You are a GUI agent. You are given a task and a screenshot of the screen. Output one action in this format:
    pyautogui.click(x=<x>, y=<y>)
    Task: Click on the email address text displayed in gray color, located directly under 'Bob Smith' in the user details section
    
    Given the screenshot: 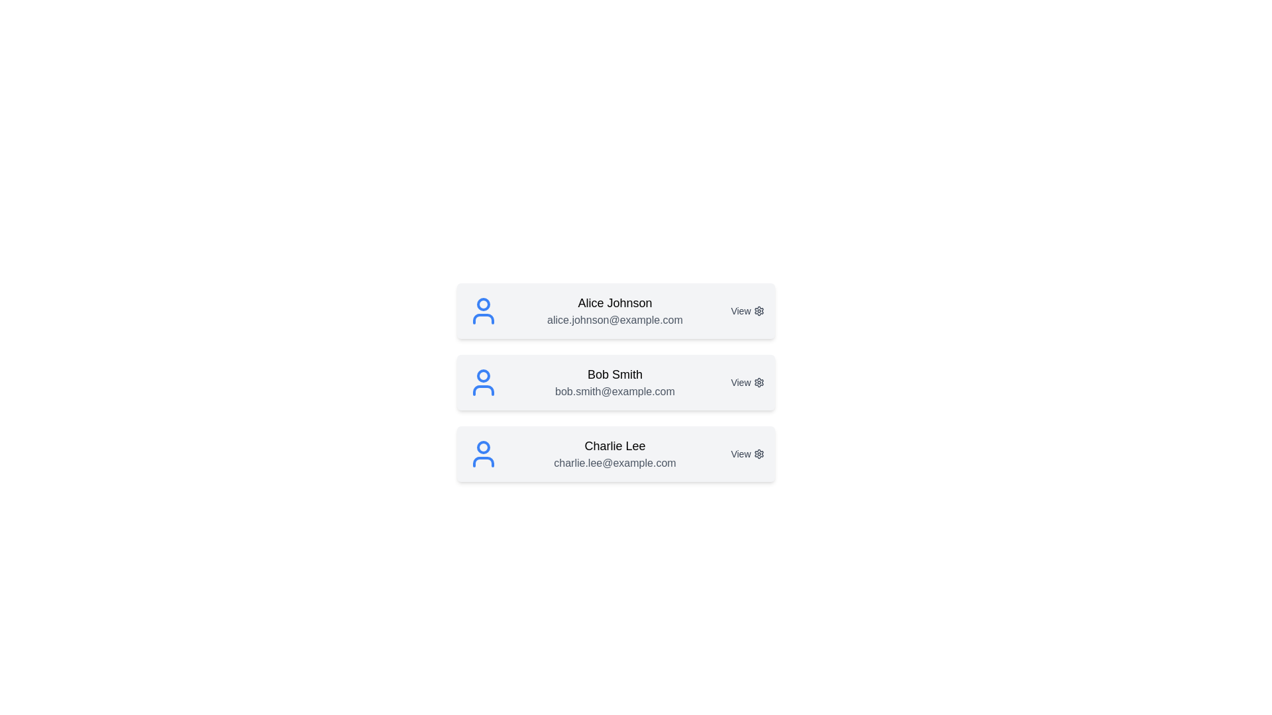 What is the action you would take?
    pyautogui.click(x=614, y=391)
    